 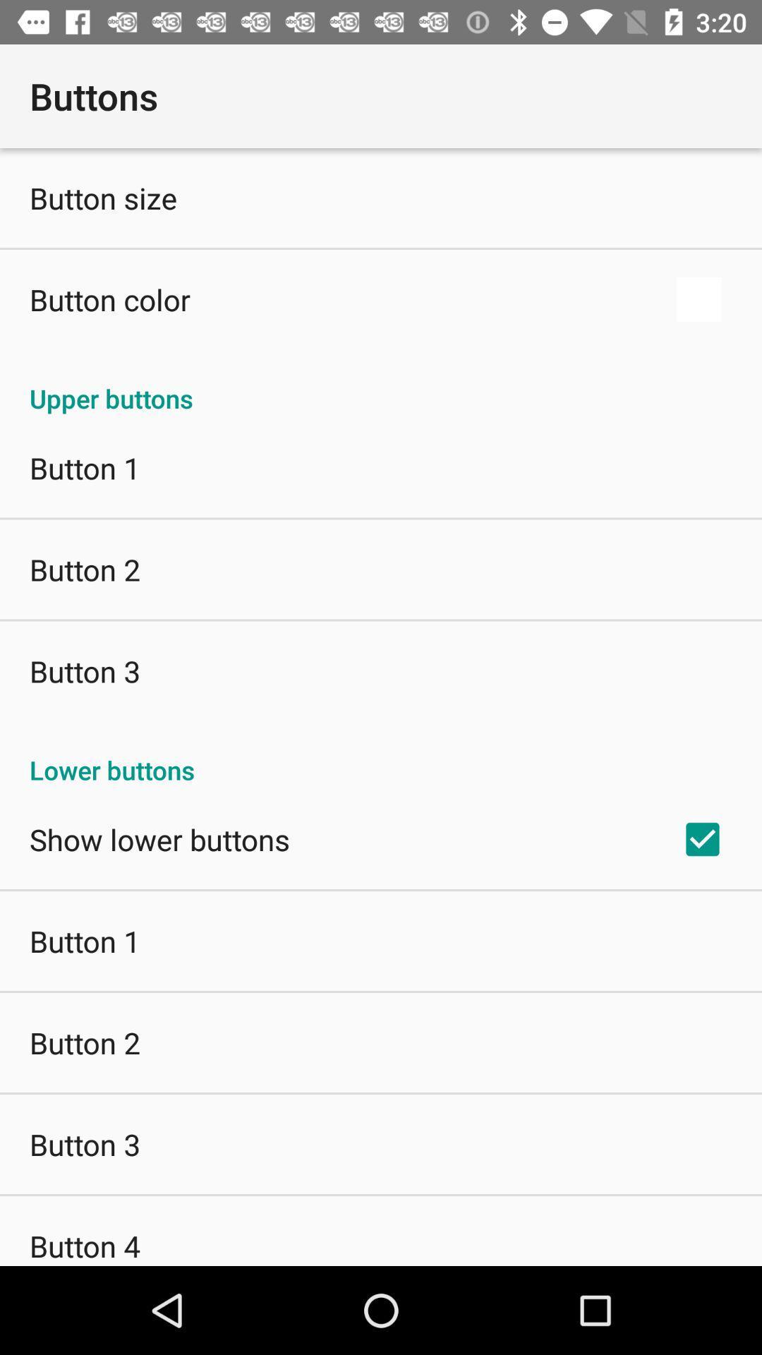 I want to click on upper buttons, so click(x=381, y=383).